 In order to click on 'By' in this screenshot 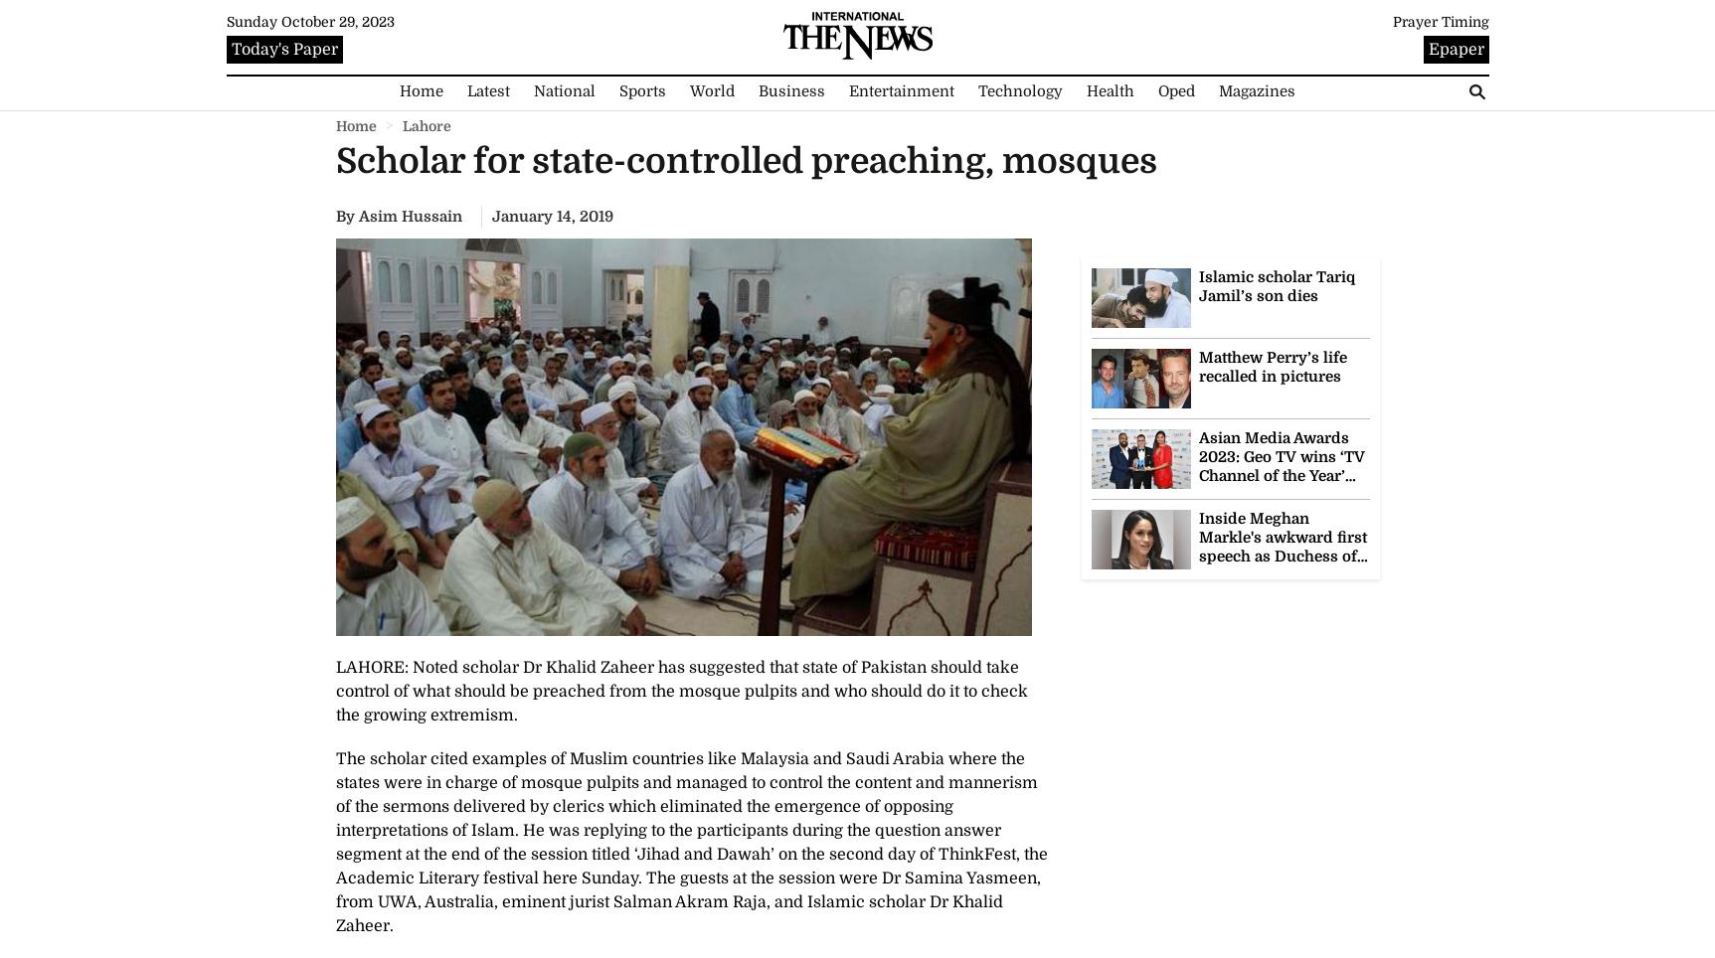, I will do `click(344, 216)`.